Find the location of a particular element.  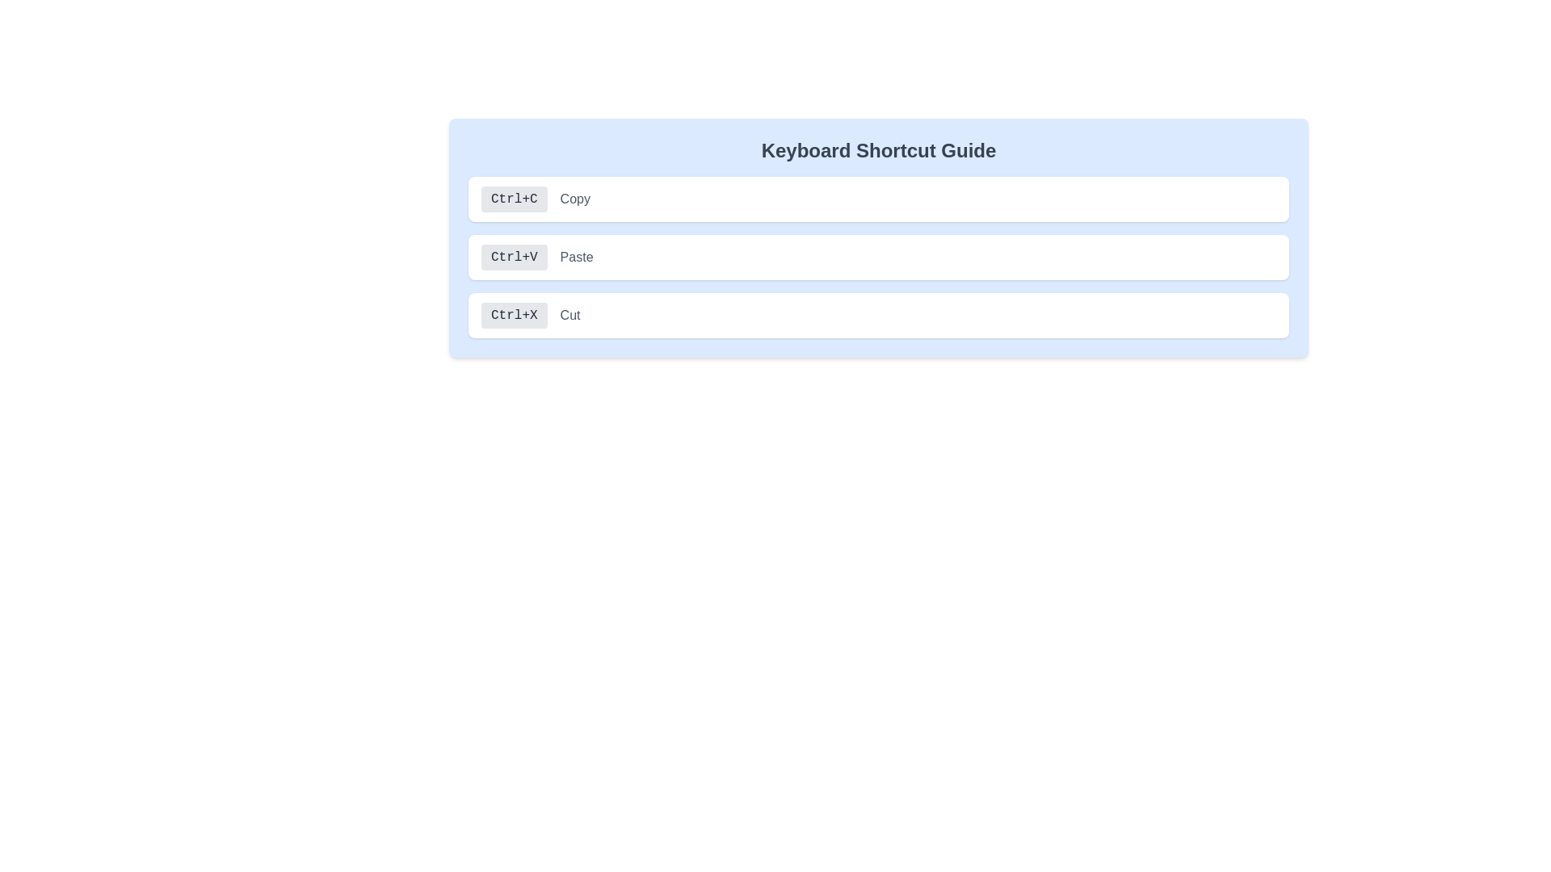

the text heading displaying 'Keyboard Shortcut Guide' which is bold, large, dark gray on a light blue background, located centrally at the top of the interface is located at coordinates (878, 150).